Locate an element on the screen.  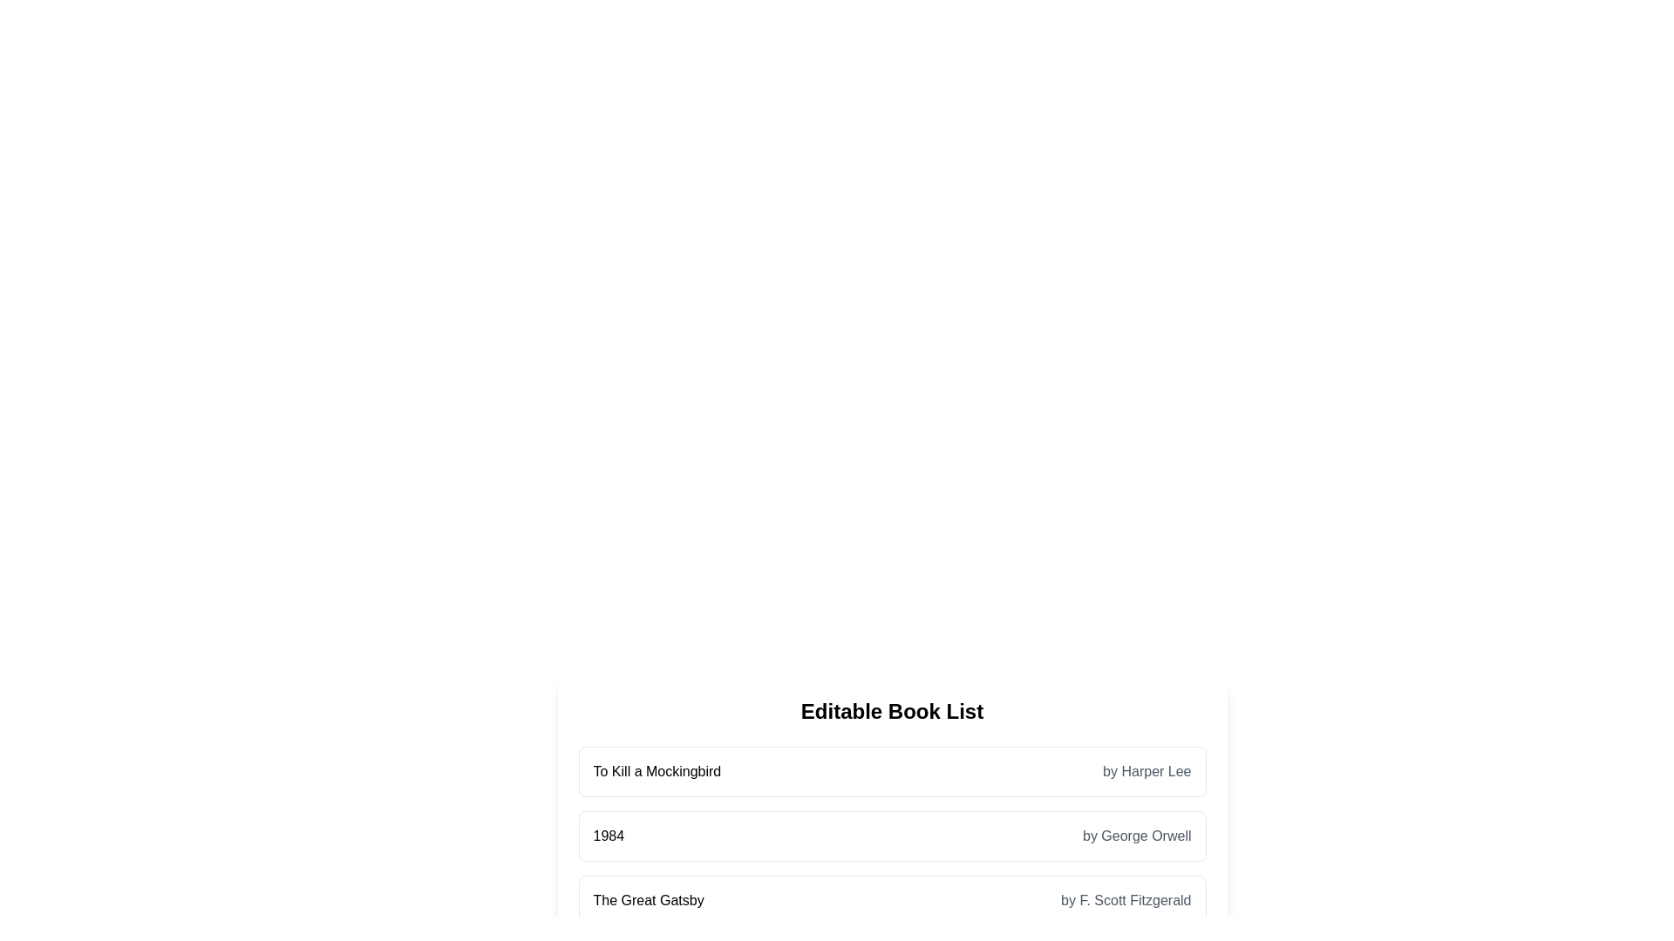
the small text block displaying 'by Harper Lee', which is styled in a muted gray color and positioned on the right side of the book record for 'To Kill a Mockingbird' is located at coordinates (1147, 771).